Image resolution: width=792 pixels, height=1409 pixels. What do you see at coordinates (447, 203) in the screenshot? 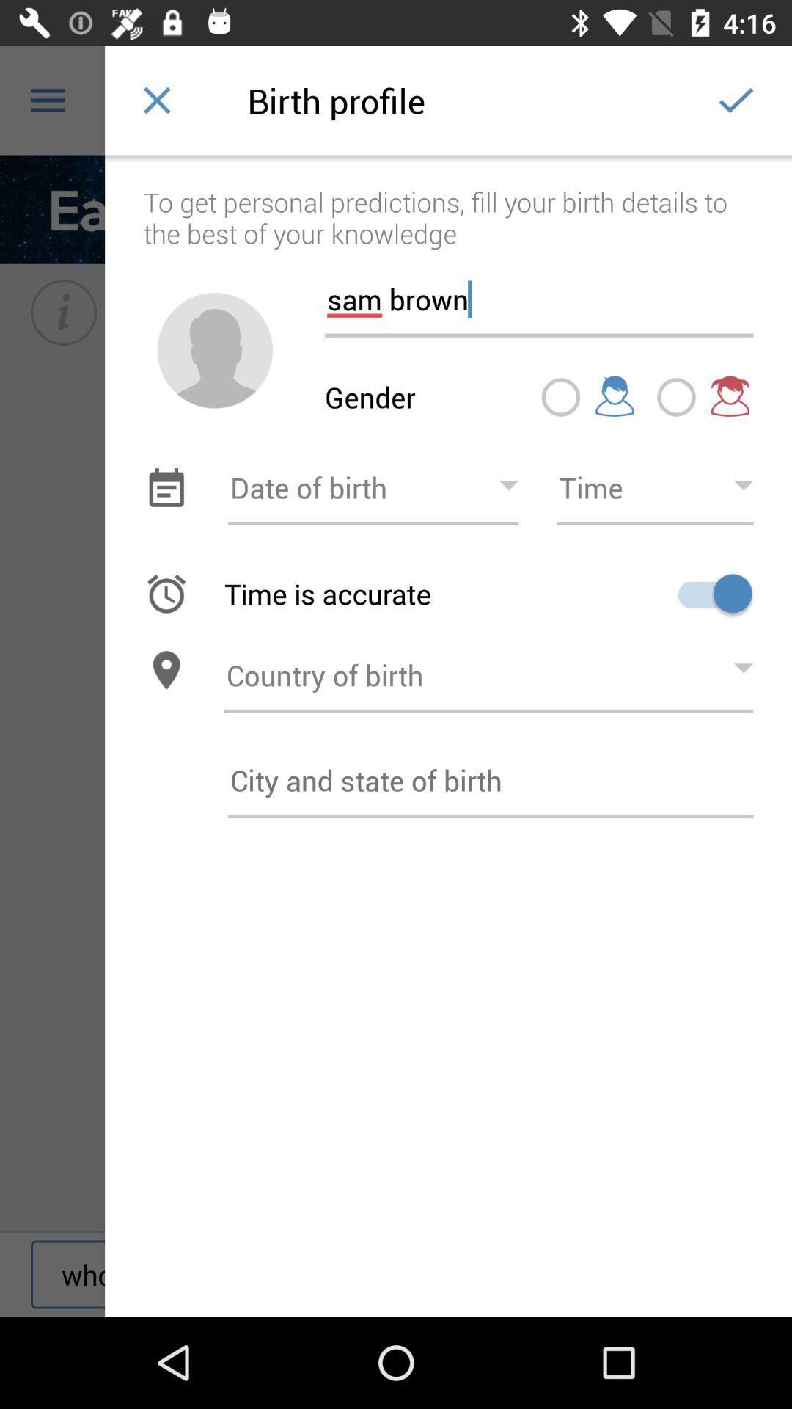
I see `the to get personal icon` at bounding box center [447, 203].